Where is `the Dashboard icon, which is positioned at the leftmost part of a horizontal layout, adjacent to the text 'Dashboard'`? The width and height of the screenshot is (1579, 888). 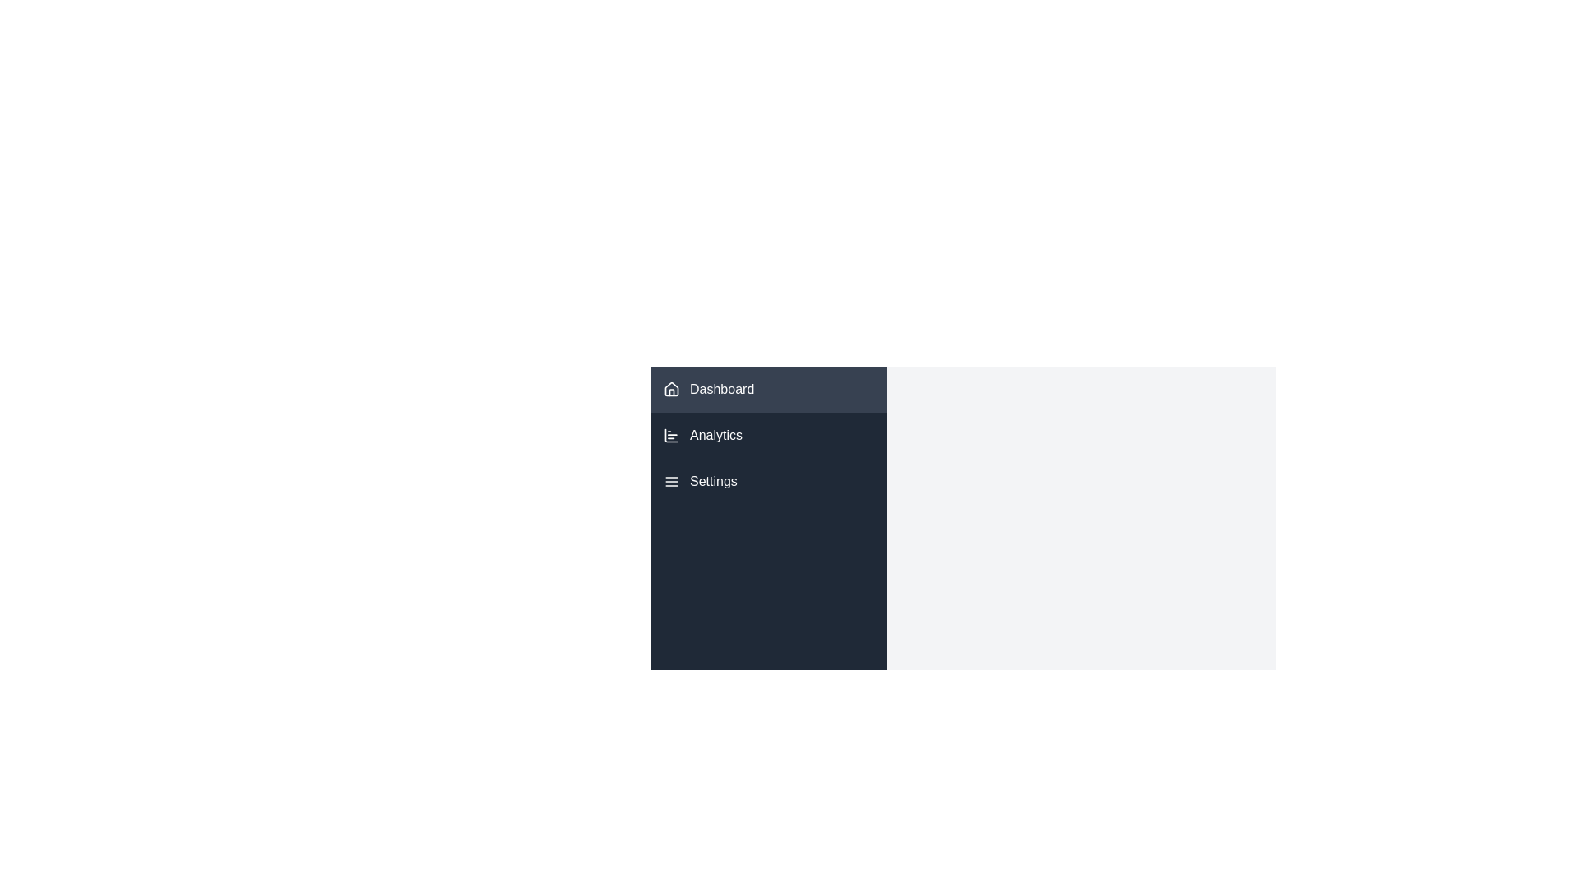 the Dashboard icon, which is positioned at the leftmost part of a horizontal layout, adjacent to the text 'Dashboard' is located at coordinates (671, 390).